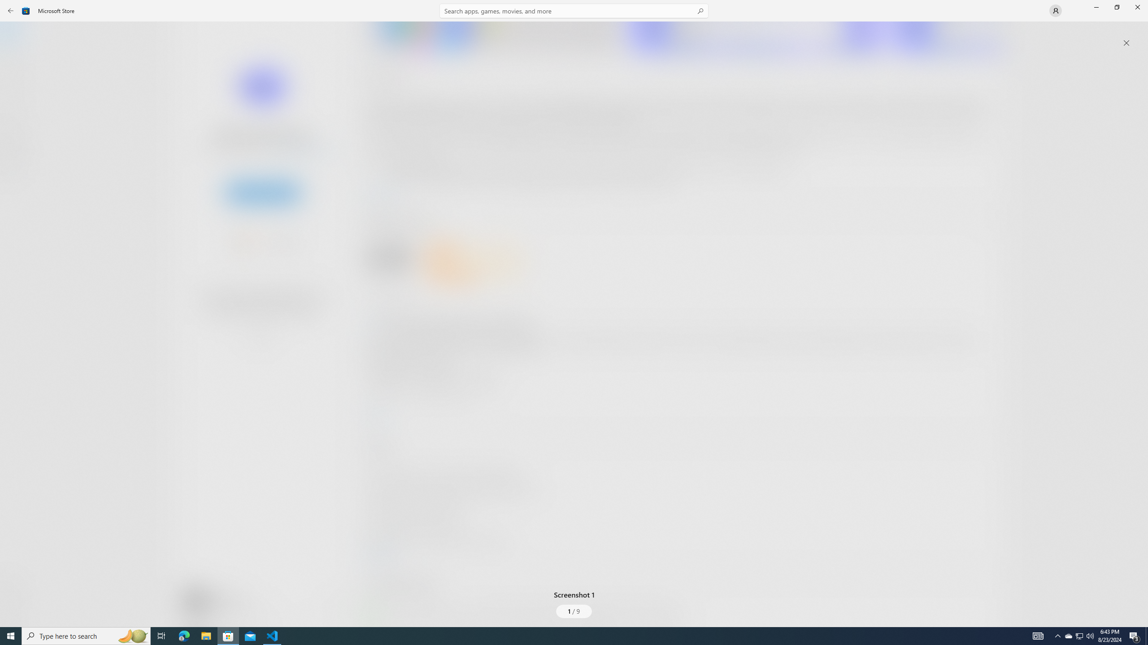 Image resolution: width=1148 pixels, height=645 pixels. What do you see at coordinates (574, 317) in the screenshot?
I see `'Screenshot 1'` at bounding box center [574, 317].